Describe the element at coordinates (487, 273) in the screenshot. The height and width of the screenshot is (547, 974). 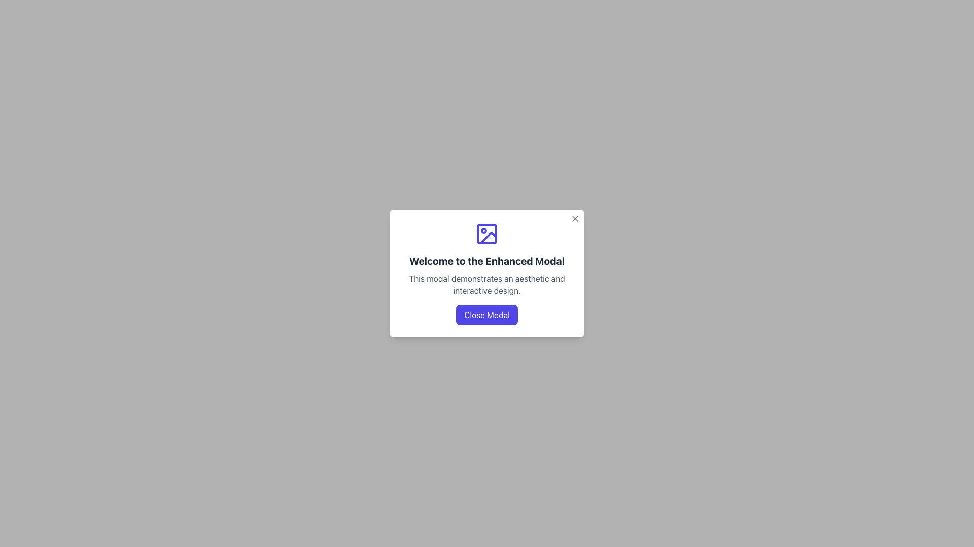
I see `text displayed in the Modal Content Section, which includes a welcoming message and a short description, located at the center of the modal dialog` at that location.